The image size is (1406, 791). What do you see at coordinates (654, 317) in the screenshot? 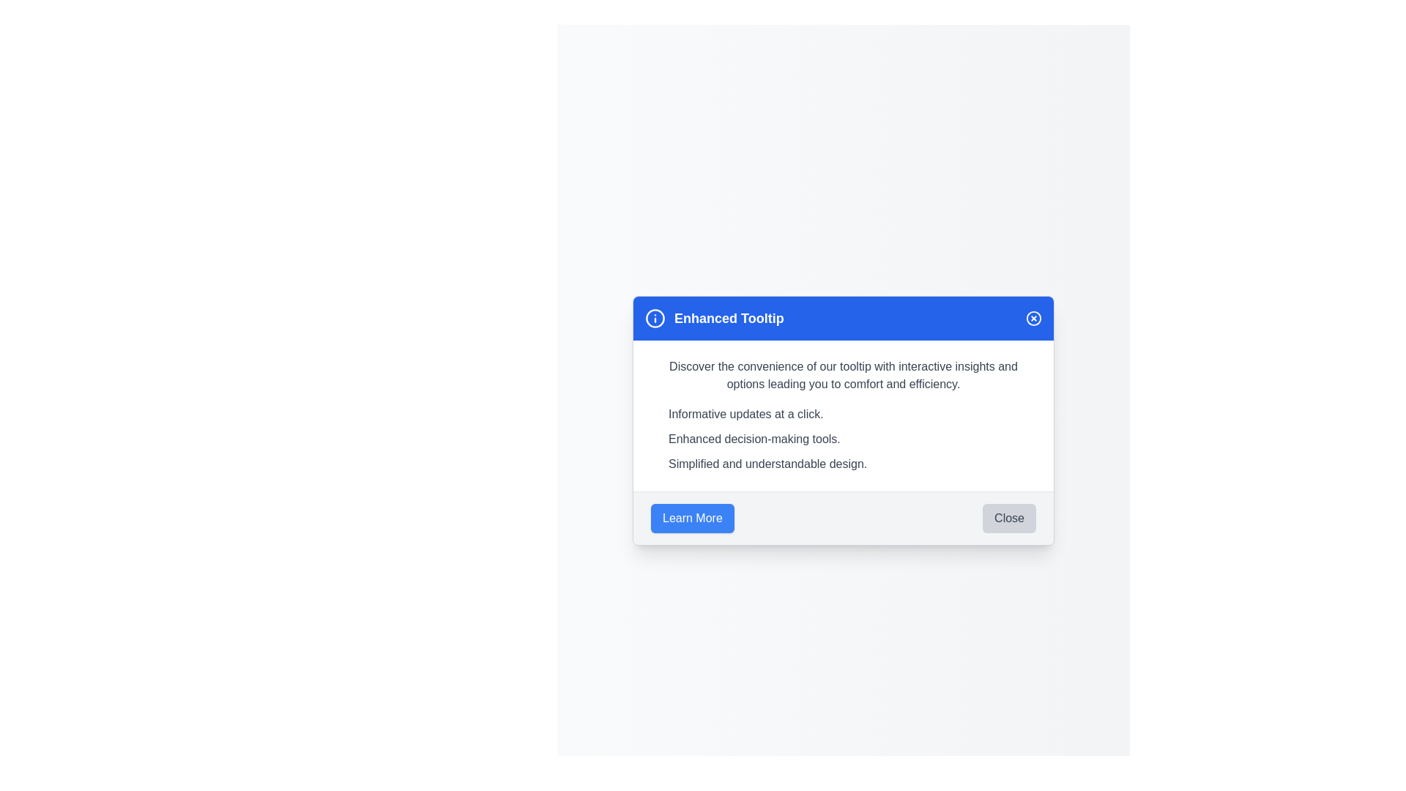
I see `the blue circle icon with a white 'i' symbol located at the top-left corner of the tooltip card, preceding the title 'Enhanced Tooltip'` at bounding box center [654, 317].